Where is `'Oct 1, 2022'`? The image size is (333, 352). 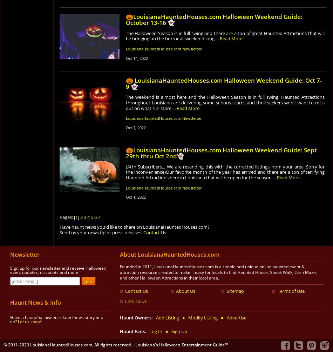
'Oct 1, 2022' is located at coordinates (135, 196).